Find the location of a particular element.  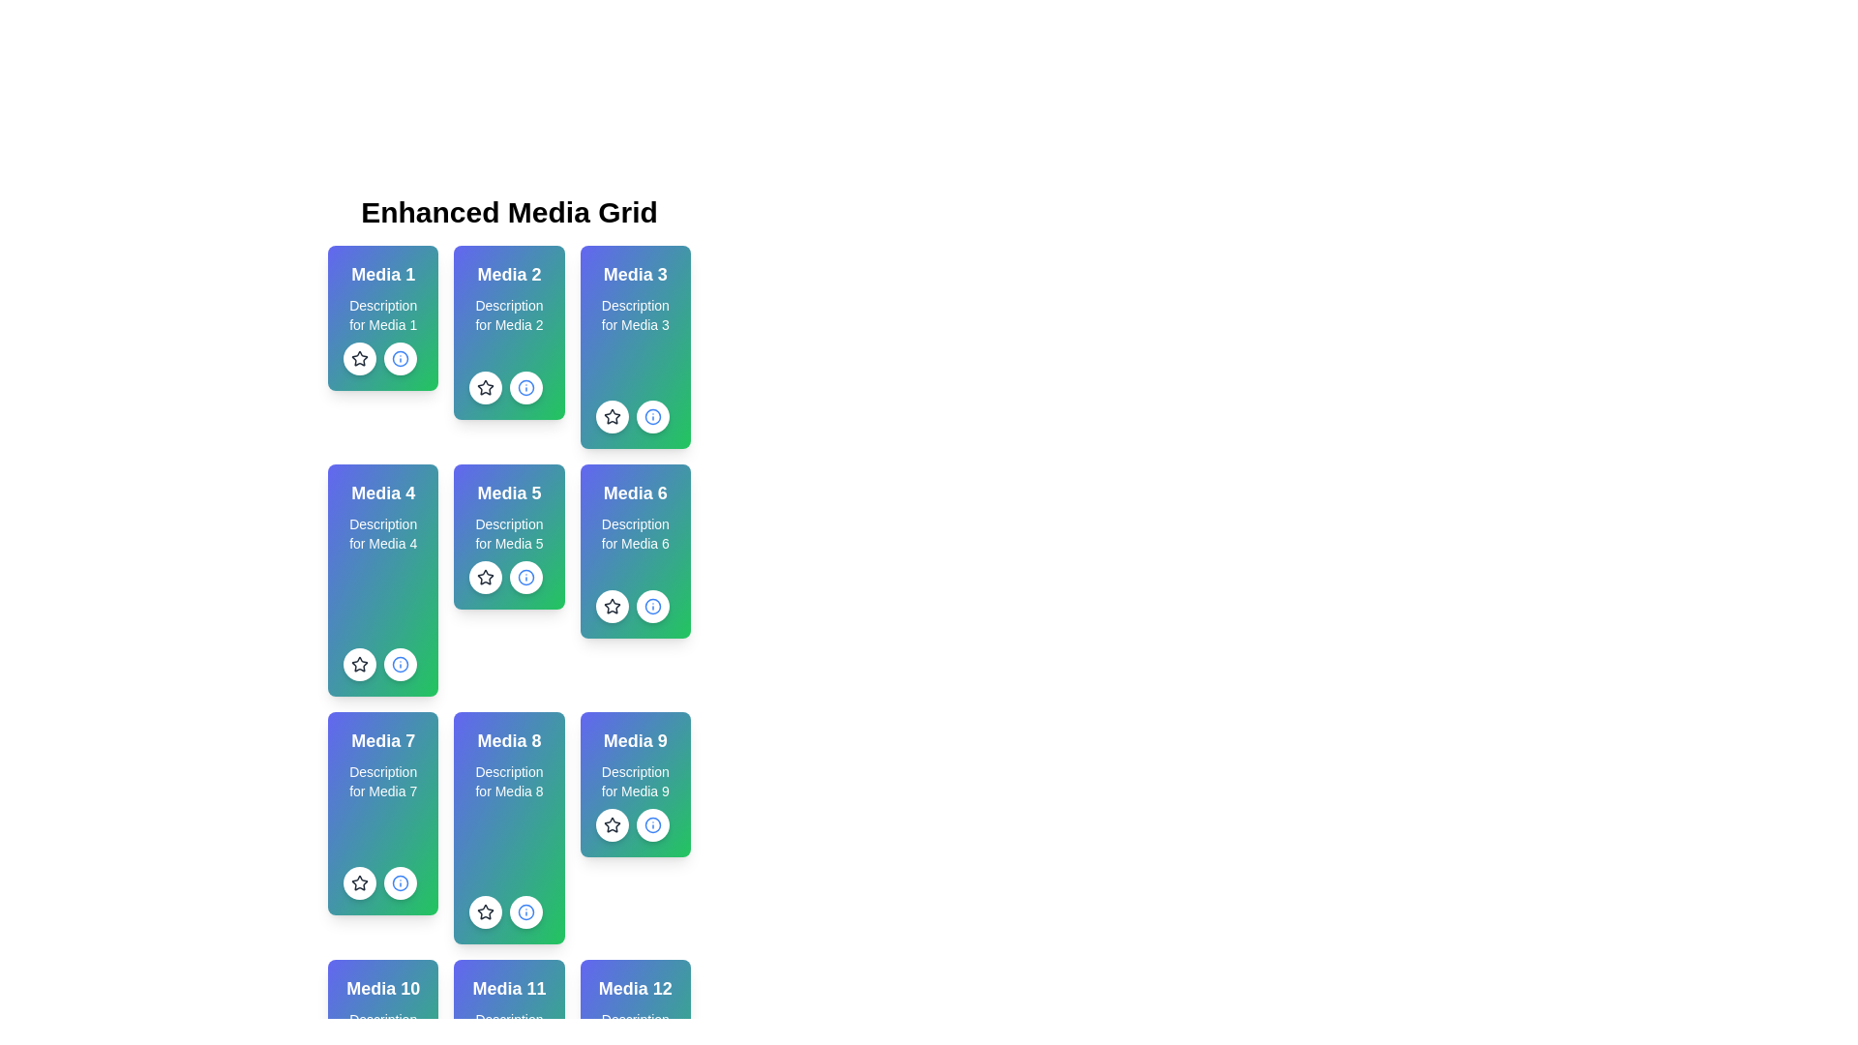

the circular information button with a white background and blue border located at the bottom-left corner of the 'Media 1' card is located at coordinates (399, 358).